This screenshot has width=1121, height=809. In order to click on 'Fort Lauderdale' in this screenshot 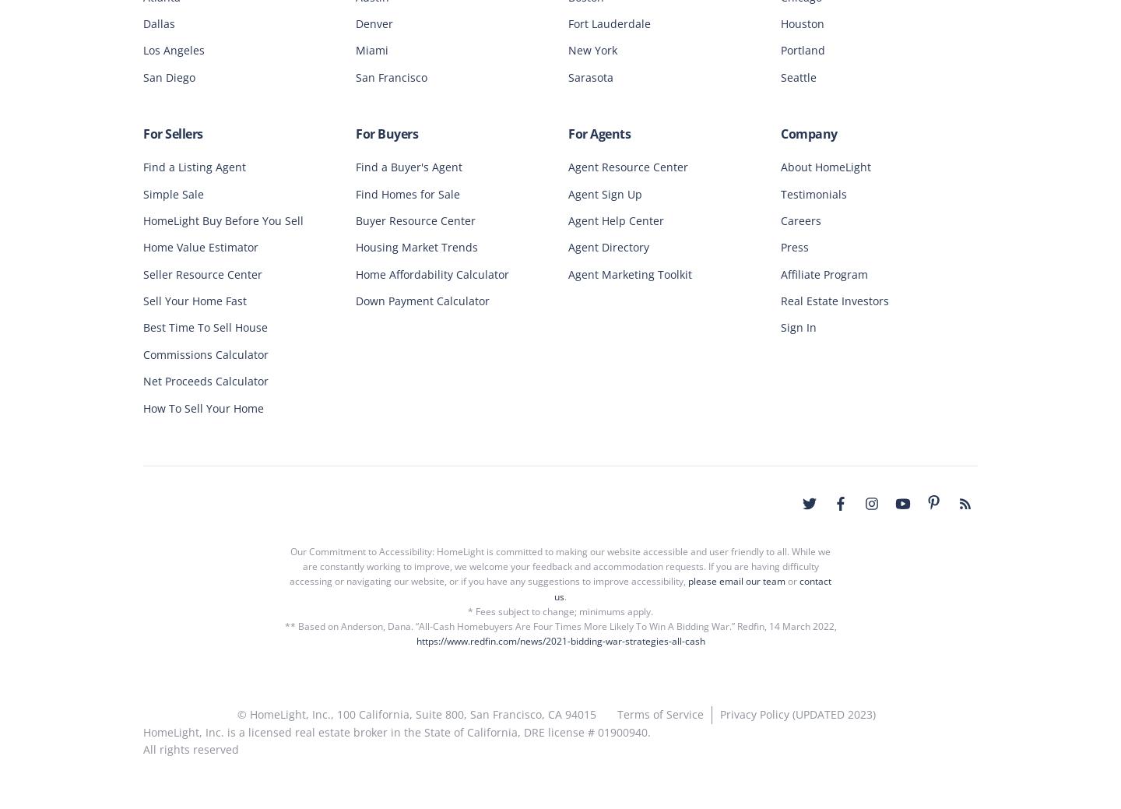, I will do `click(567, 21)`.